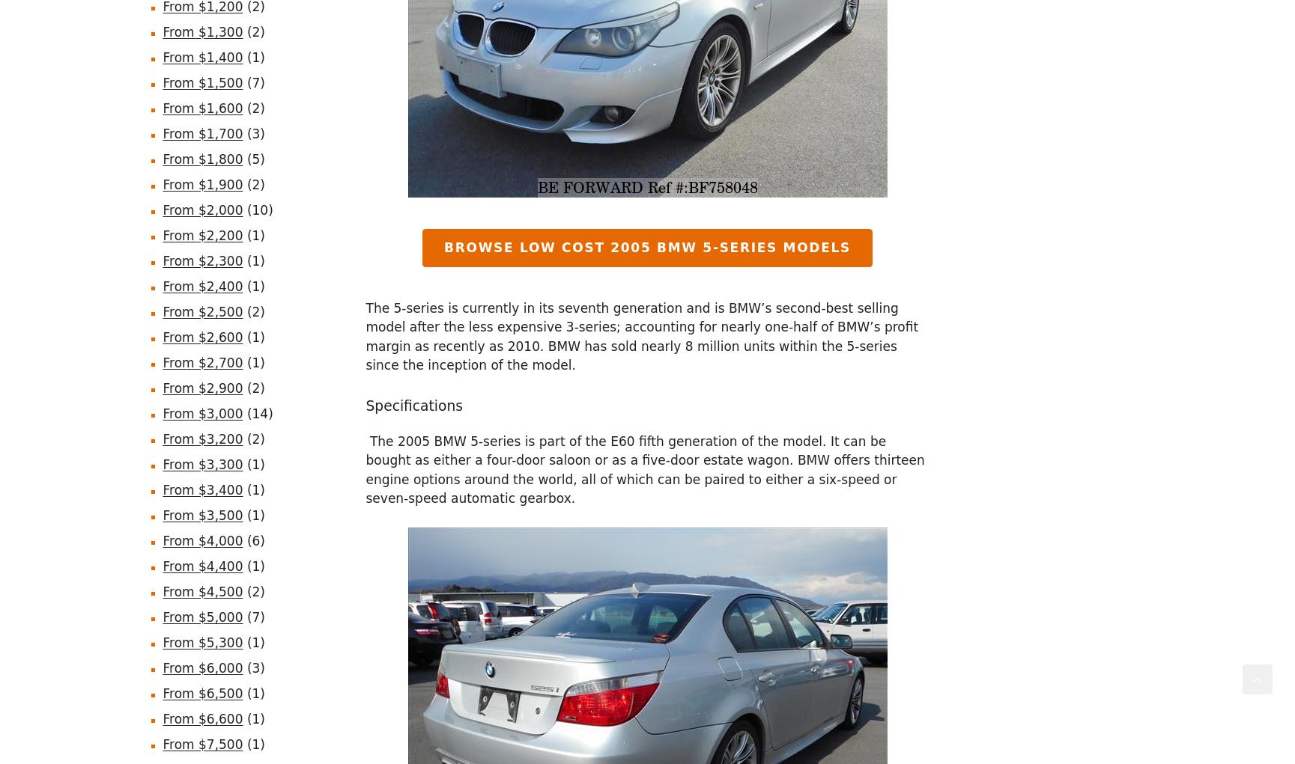 This screenshot has height=764, width=1295. I want to click on 'From $1,300', so click(202, 31).